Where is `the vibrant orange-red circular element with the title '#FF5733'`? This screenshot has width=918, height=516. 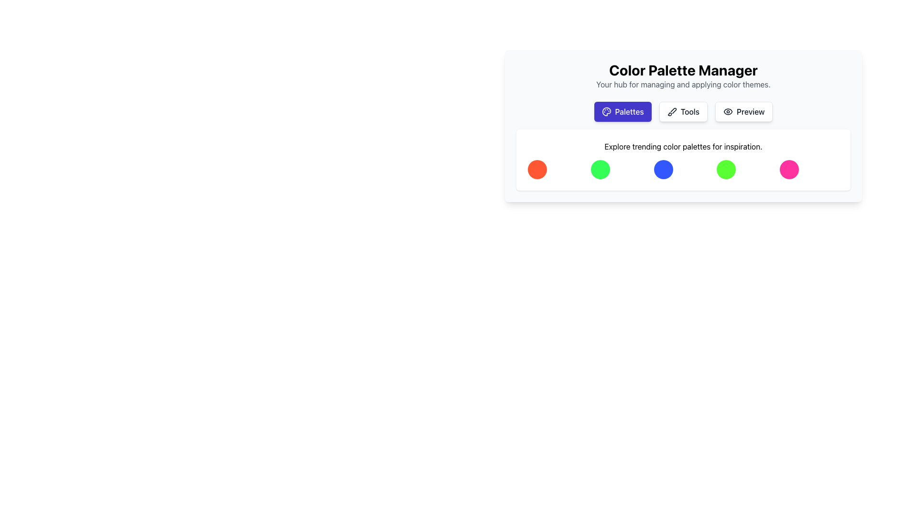
the vibrant orange-red circular element with the title '#FF5733' is located at coordinates (537, 169).